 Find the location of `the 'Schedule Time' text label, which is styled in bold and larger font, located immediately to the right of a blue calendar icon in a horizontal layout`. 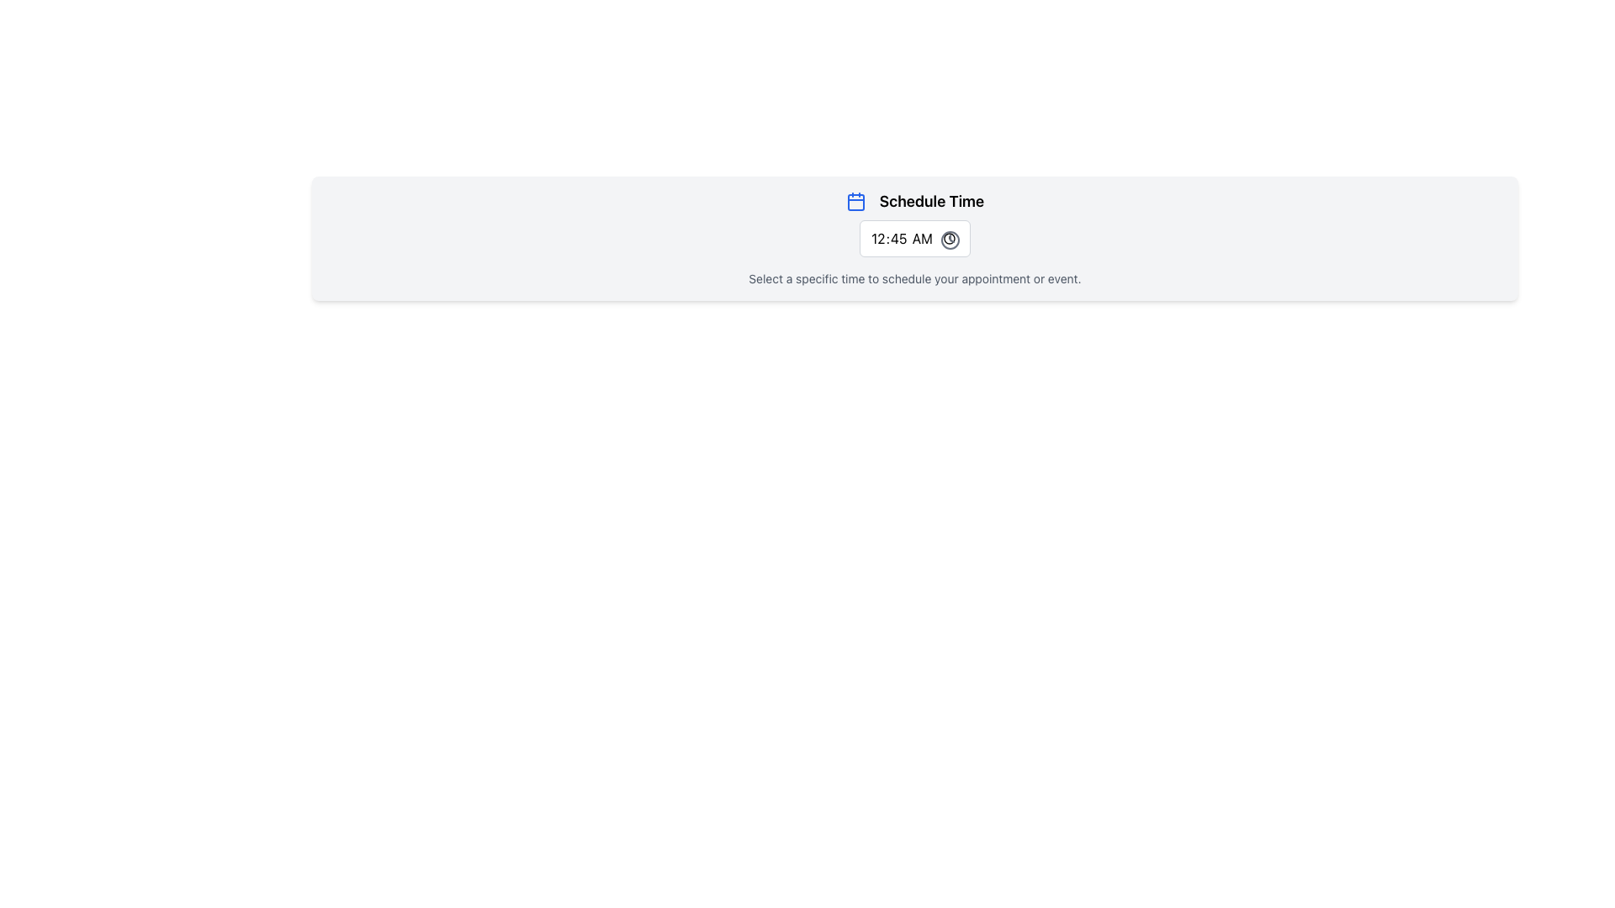

the 'Schedule Time' text label, which is styled in bold and larger font, located immediately to the right of a blue calendar icon in a horizontal layout is located at coordinates (931, 200).